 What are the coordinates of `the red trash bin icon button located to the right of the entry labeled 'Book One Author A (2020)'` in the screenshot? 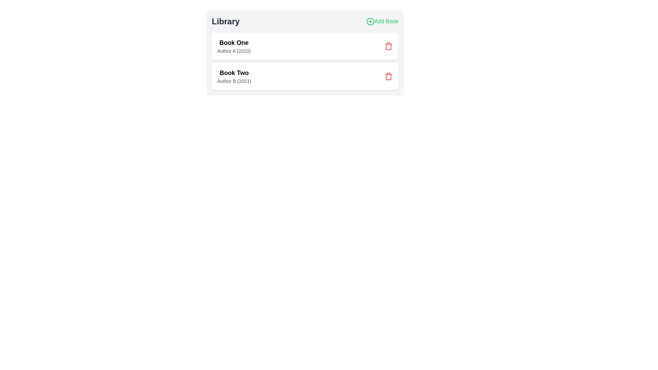 It's located at (388, 46).